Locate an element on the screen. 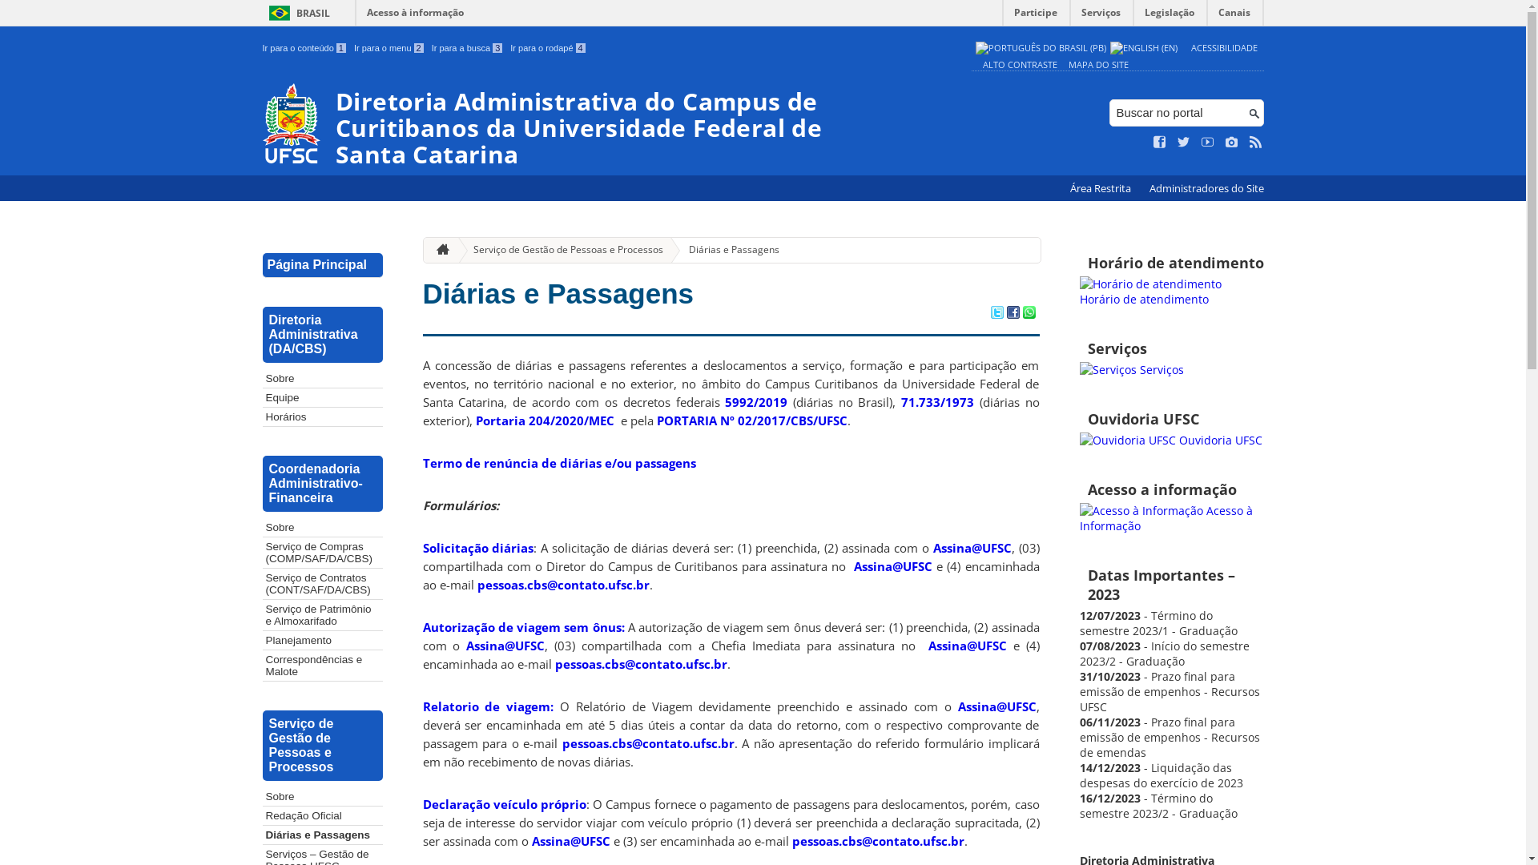 The width and height of the screenshot is (1538, 865). 'Ouvidoria da UFSC' is located at coordinates (1126, 440).